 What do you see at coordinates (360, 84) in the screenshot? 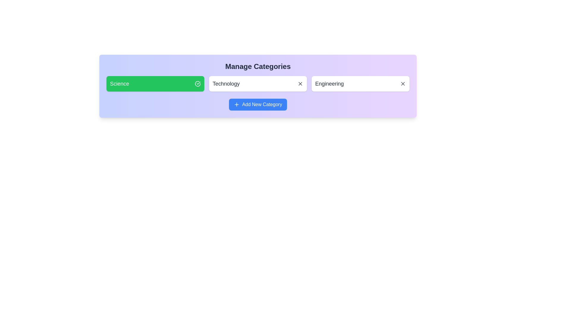
I see `the category Engineering to observe the hover effect` at bounding box center [360, 84].